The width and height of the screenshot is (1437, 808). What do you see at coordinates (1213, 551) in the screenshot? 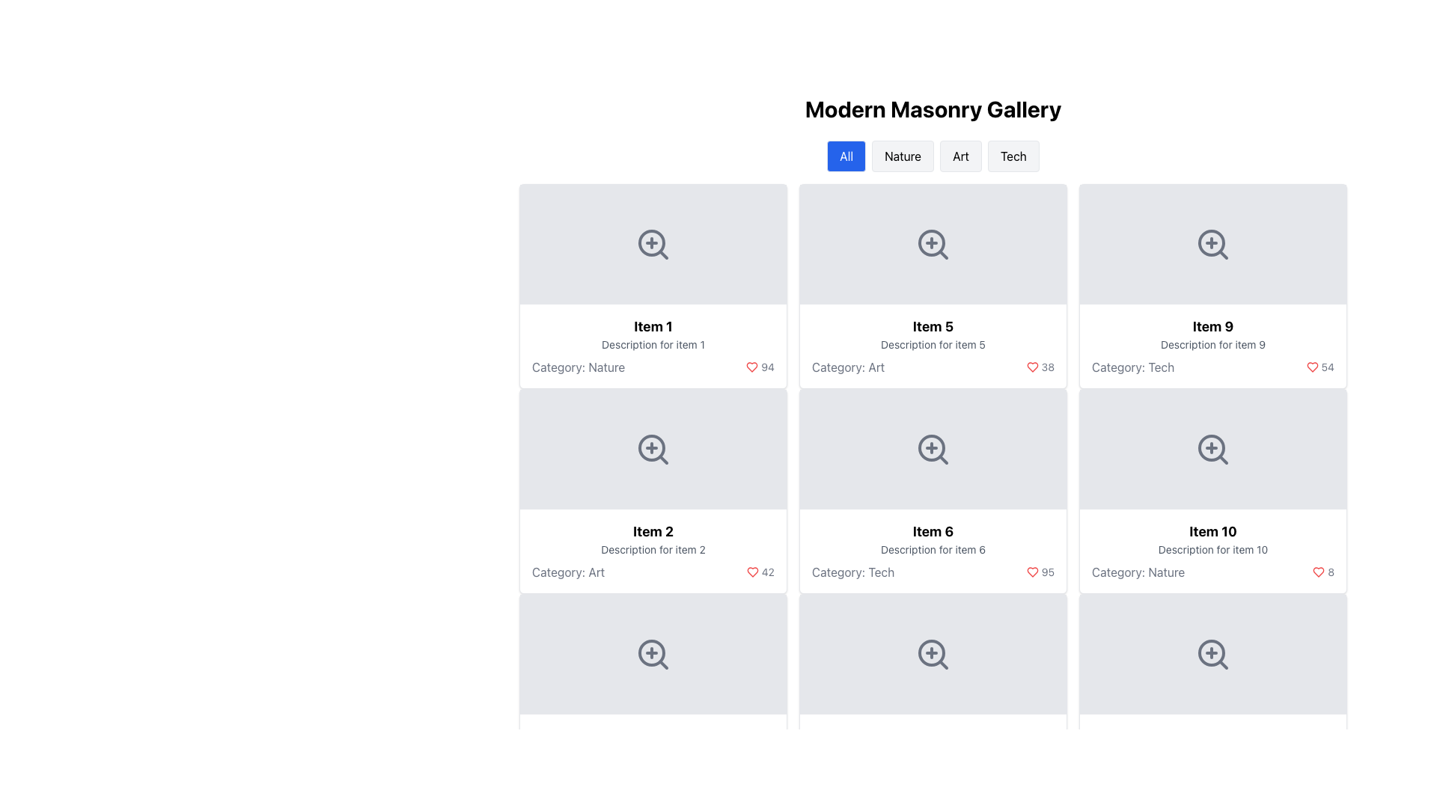
I see `the informational card located in the last column of the grid layout, which provides details about an item including its category and popularity` at bounding box center [1213, 551].